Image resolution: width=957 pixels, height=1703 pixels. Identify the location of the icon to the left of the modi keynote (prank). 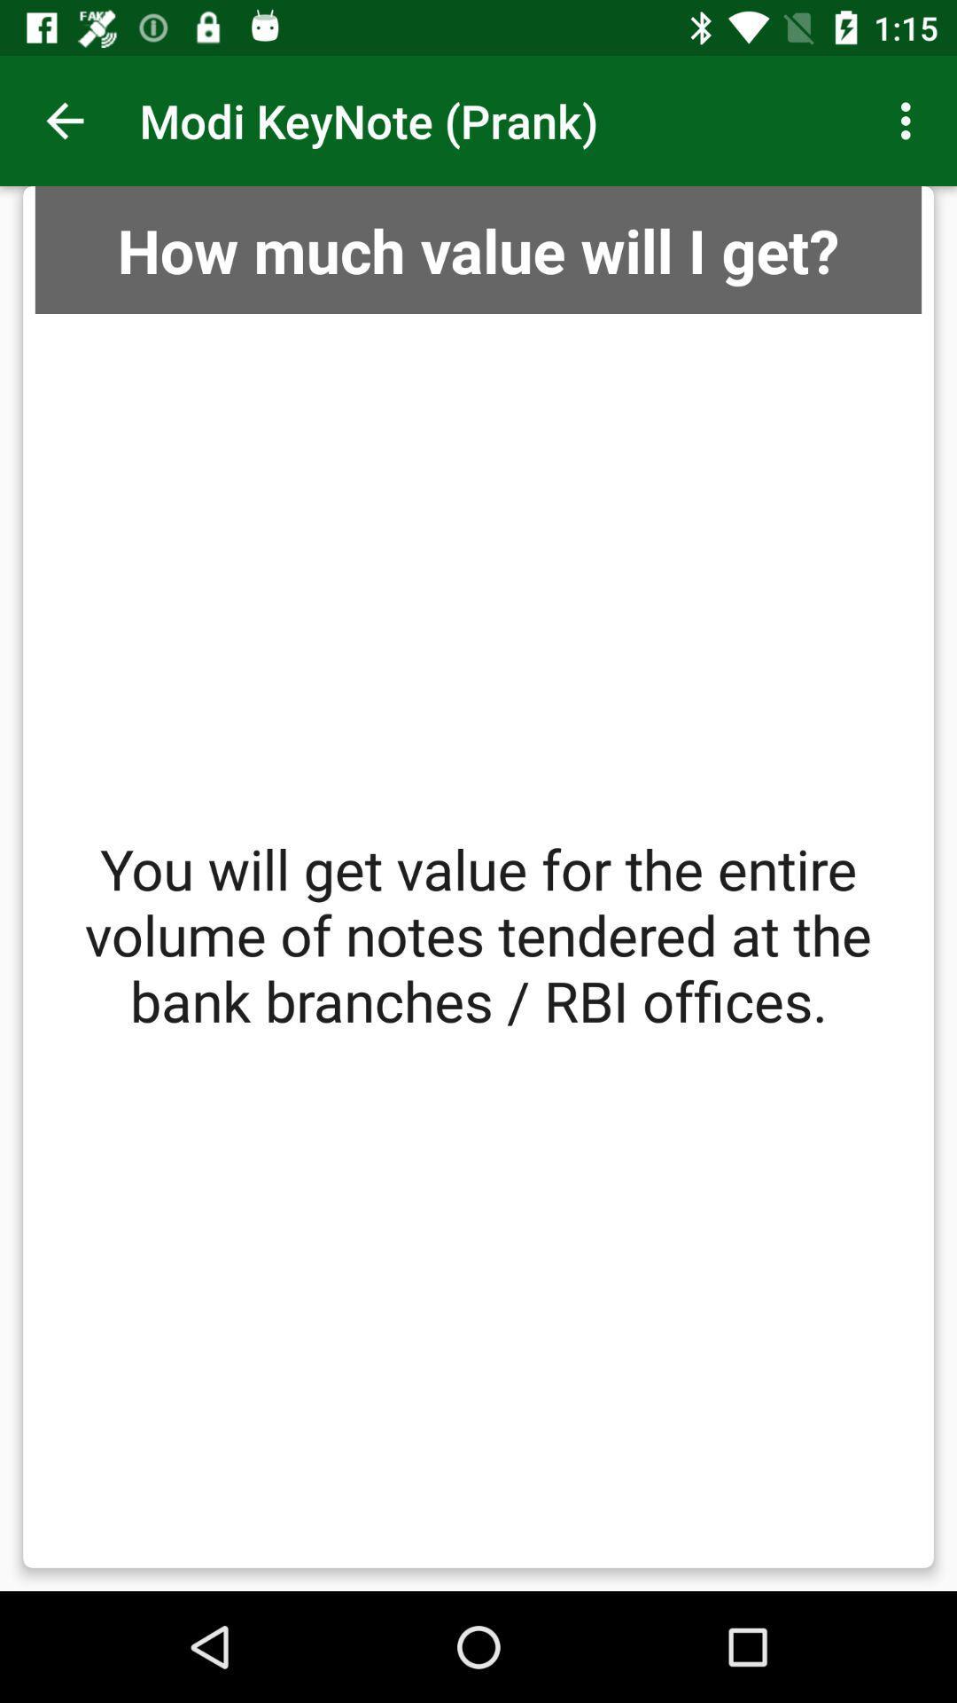
(64, 120).